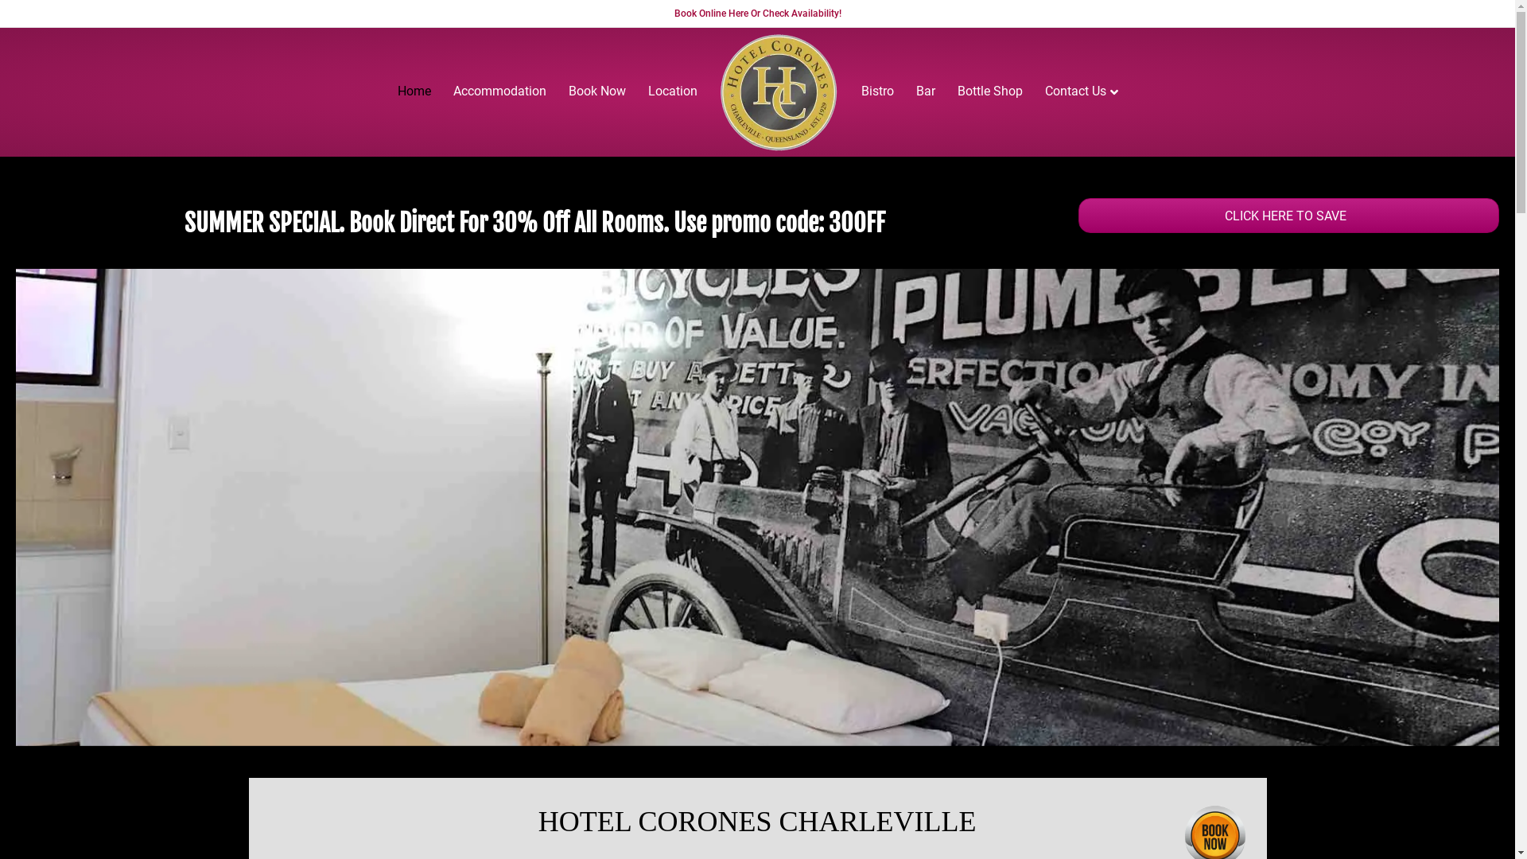  What do you see at coordinates (636, 91) in the screenshot?
I see `'Location'` at bounding box center [636, 91].